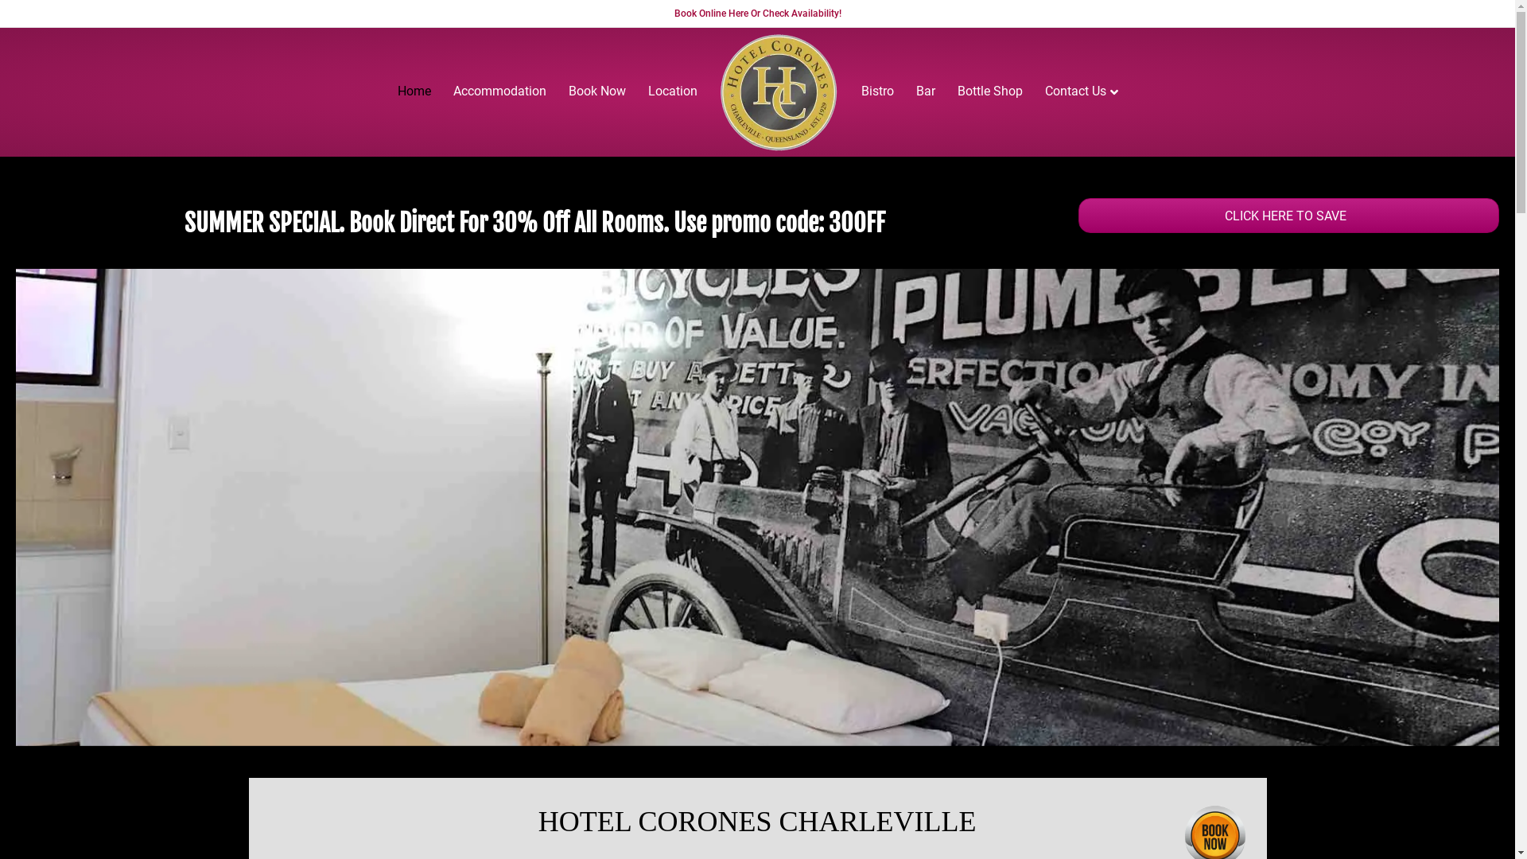  What do you see at coordinates (636, 91) in the screenshot?
I see `'Location'` at bounding box center [636, 91].